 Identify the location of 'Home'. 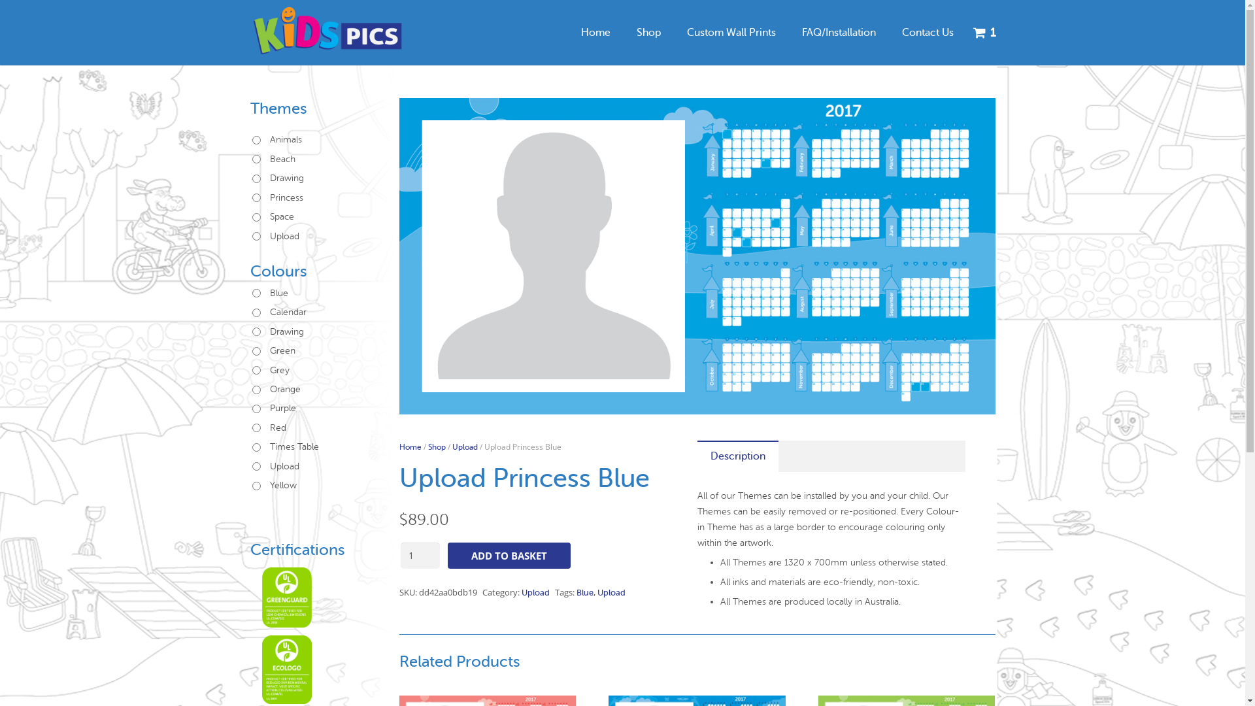
(409, 446).